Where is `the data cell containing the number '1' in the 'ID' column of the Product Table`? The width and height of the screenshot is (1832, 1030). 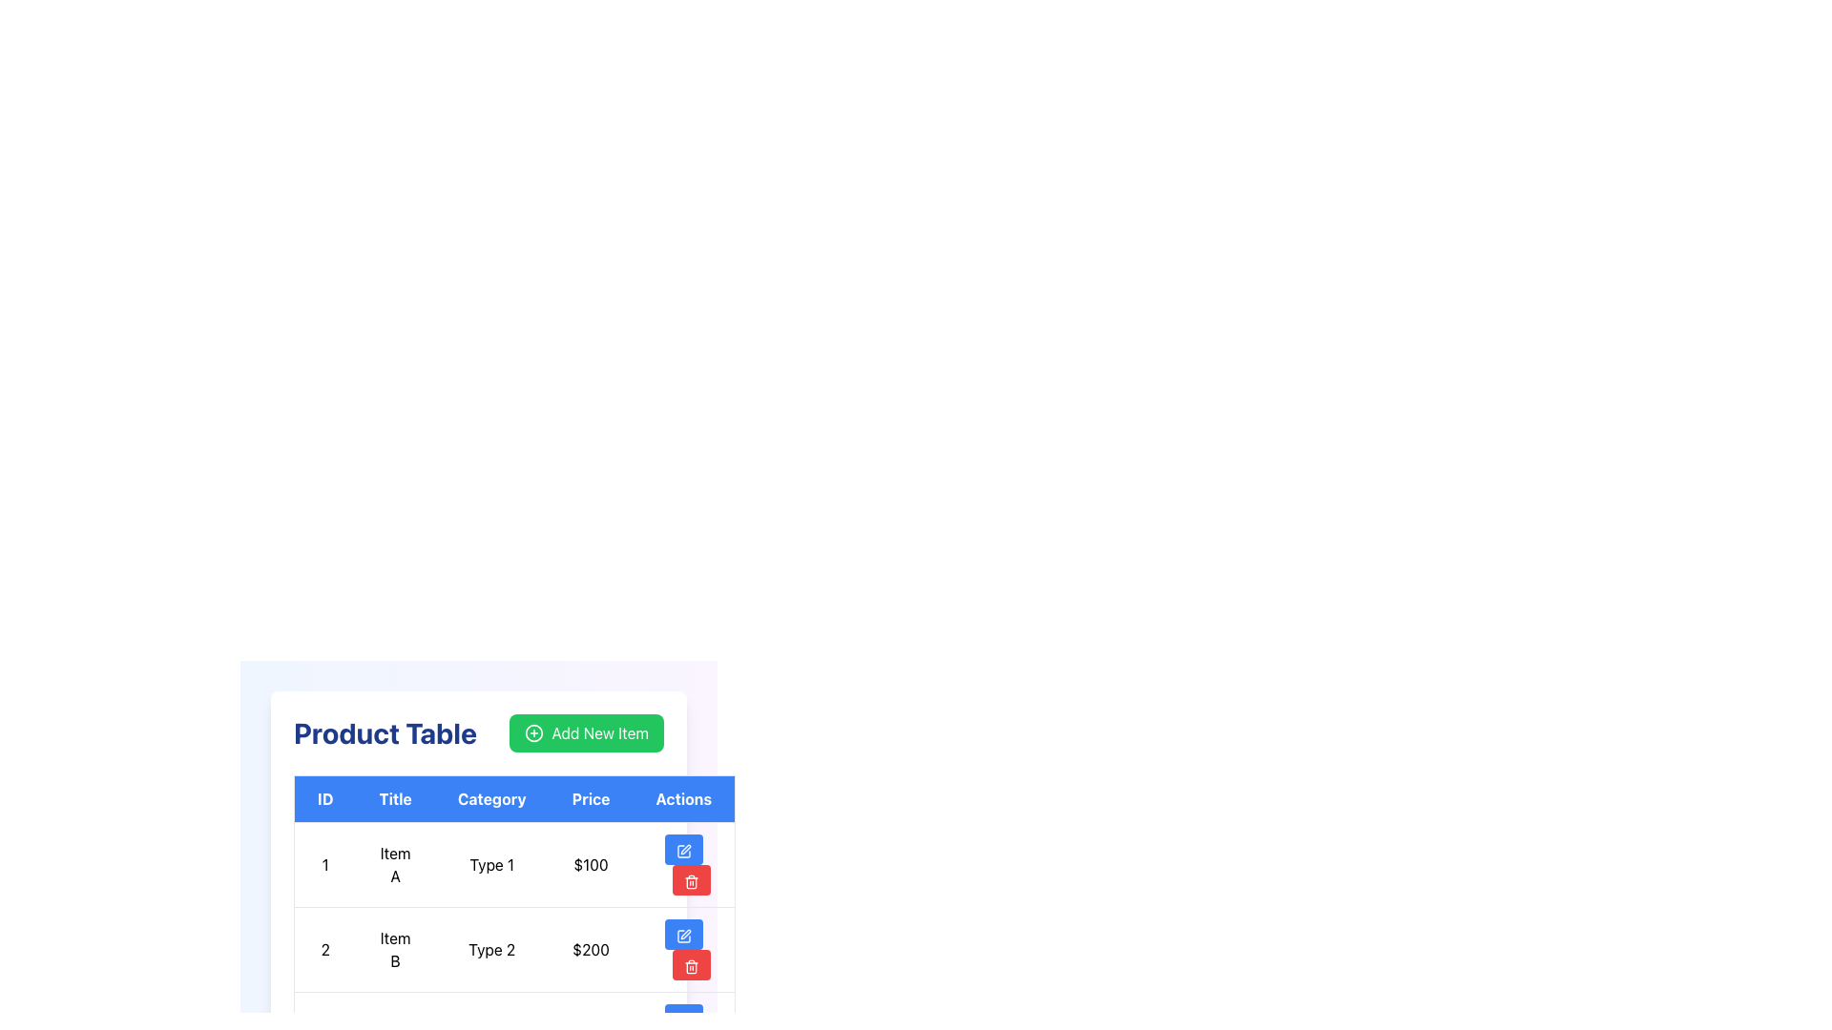
the data cell containing the number '1' in the 'ID' column of the Product Table is located at coordinates (324, 864).